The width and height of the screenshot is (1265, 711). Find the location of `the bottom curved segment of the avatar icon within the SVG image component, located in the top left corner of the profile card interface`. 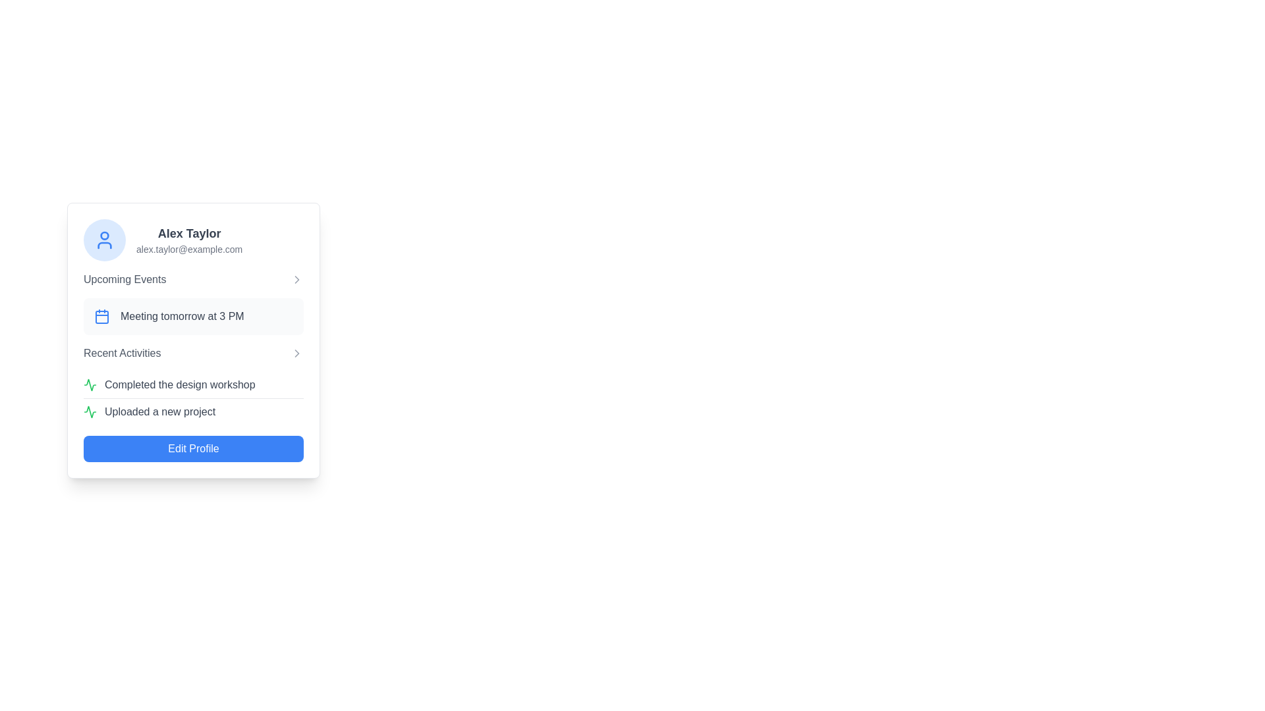

the bottom curved segment of the avatar icon within the SVG image component, located in the top left corner of the profile card interface is located at coordinates (103, 246).